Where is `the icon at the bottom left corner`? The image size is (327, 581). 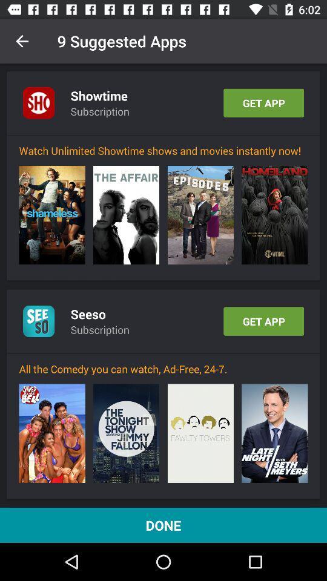 the icon at the bottom left corner is located at coordinates (51, 433).